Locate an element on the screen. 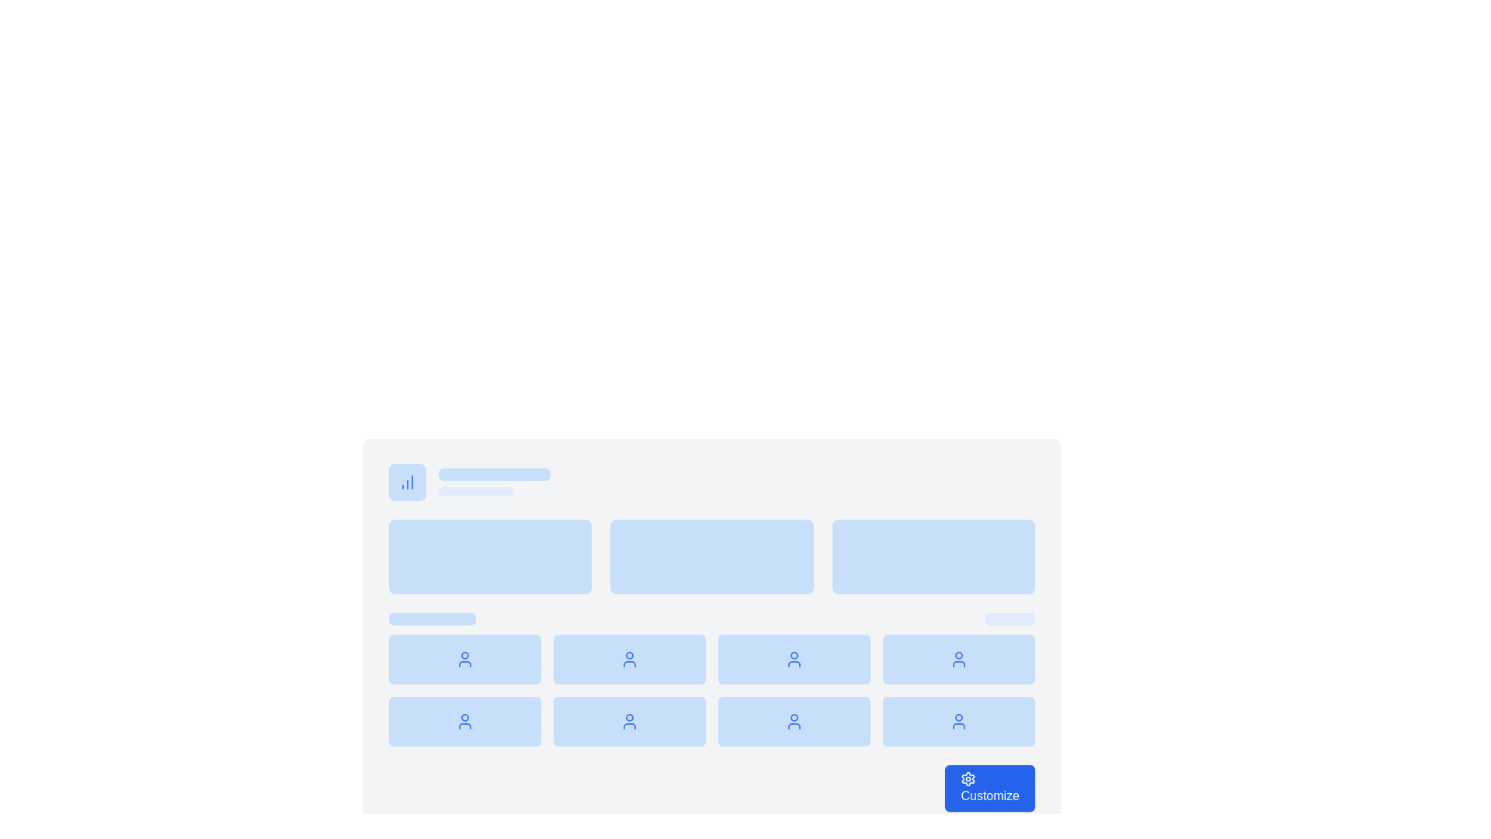 Image resolution: width=1491 pixels, height=839 pixels. the clickable user card or placeholder component, which is the fourth item in the last row of the grid layout above the blue 'Customize' button is located at coordinates (958, 659).